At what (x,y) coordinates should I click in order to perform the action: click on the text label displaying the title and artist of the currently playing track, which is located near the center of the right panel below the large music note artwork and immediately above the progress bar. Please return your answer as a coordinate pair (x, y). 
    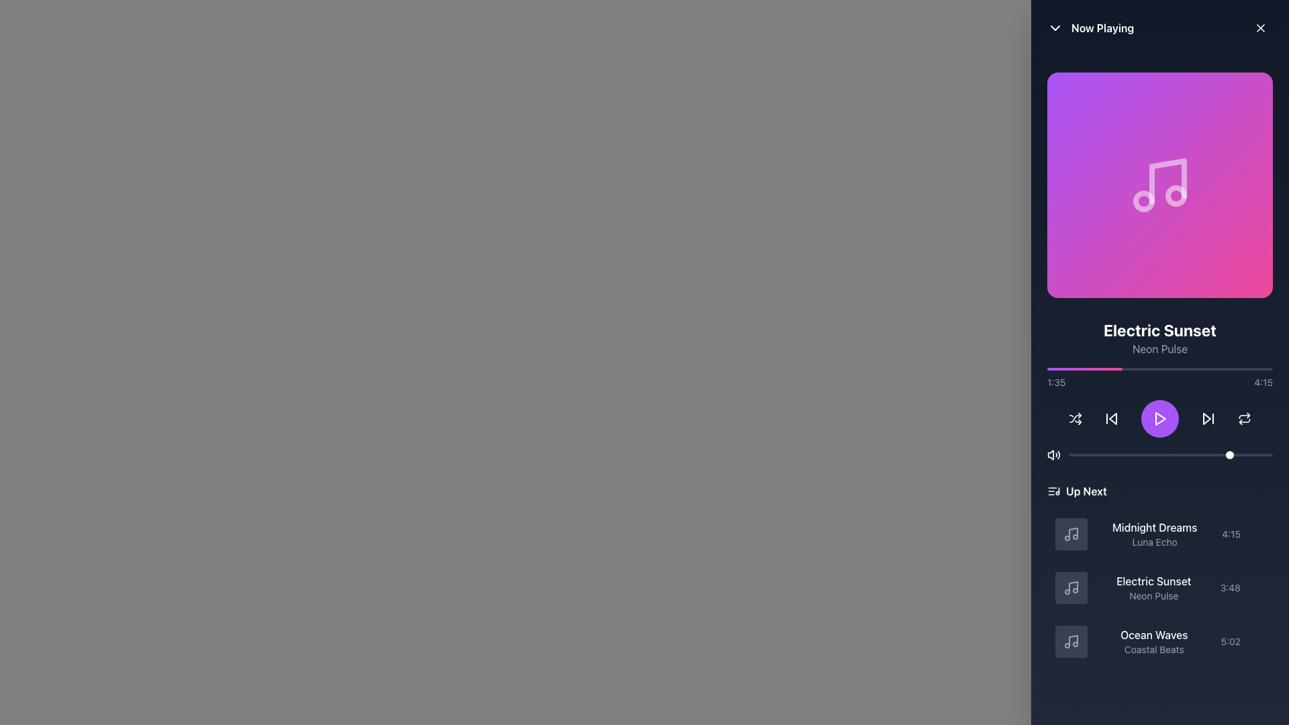
    Looking at the image, I should click on (1159, 338).